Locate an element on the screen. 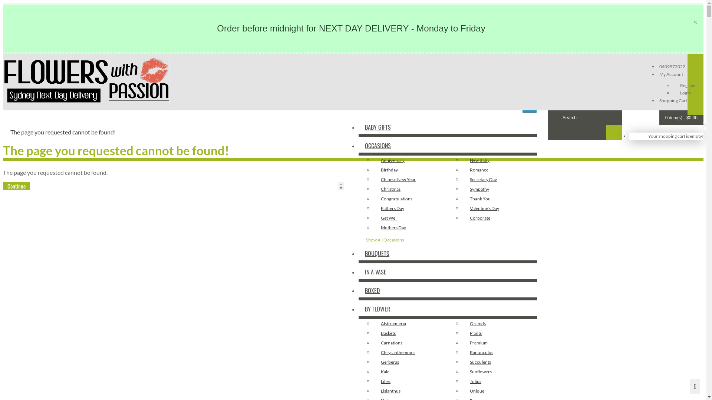 This screenshot has width=712, height=400. 'Show All Occasions' is located at coordinates (358, 240).